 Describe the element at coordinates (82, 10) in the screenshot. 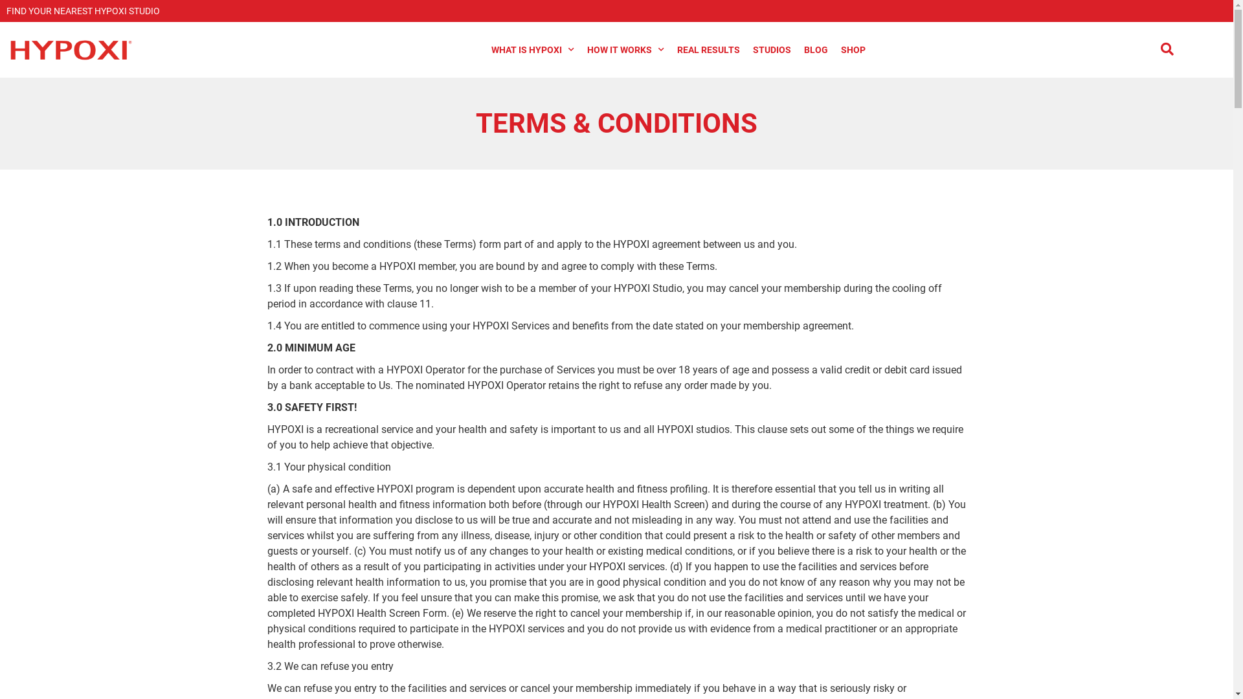

I see `'FIND YOUR NEAREST HYPOXI STUDIO'` at that location.